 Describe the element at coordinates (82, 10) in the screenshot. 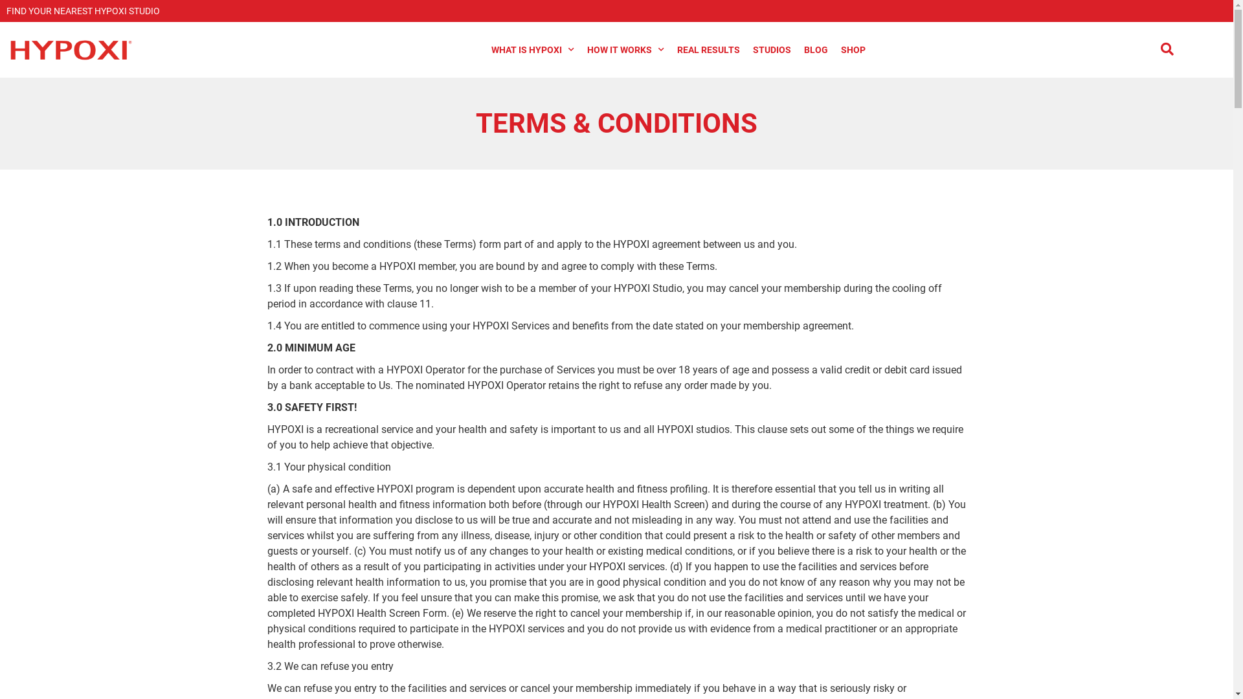

I see `'FIND YOUR NEAREST HYPOXI STUDIO'` at that location.